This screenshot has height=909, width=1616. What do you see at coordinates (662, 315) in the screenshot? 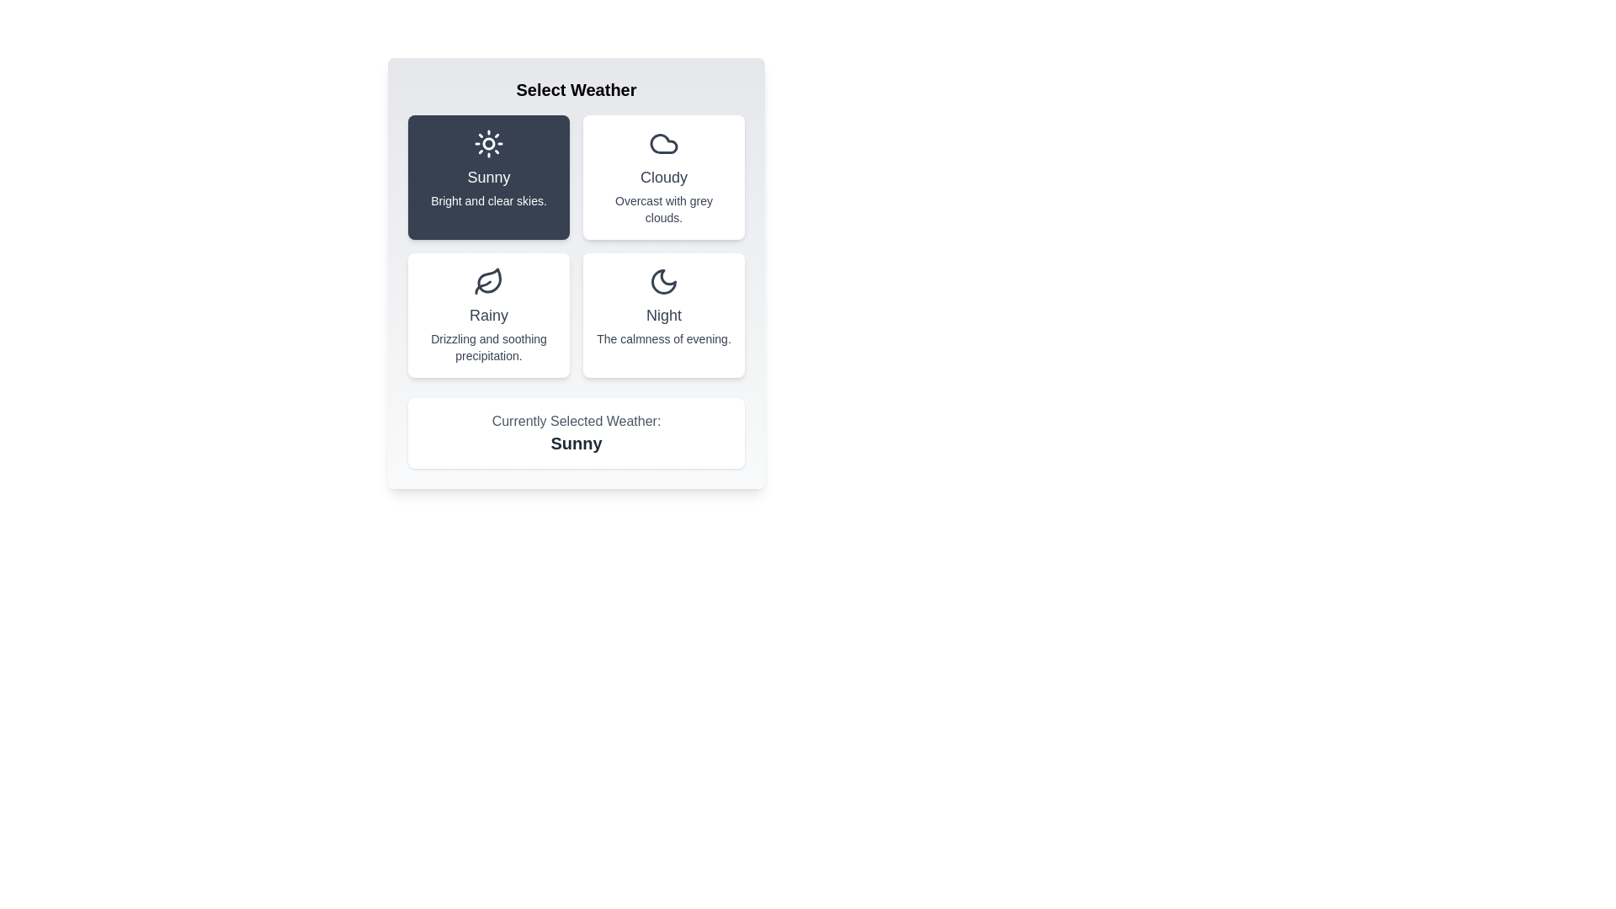
I see `the weather type Night by clicking on its corresponding button` at bounding box center [662, 315].